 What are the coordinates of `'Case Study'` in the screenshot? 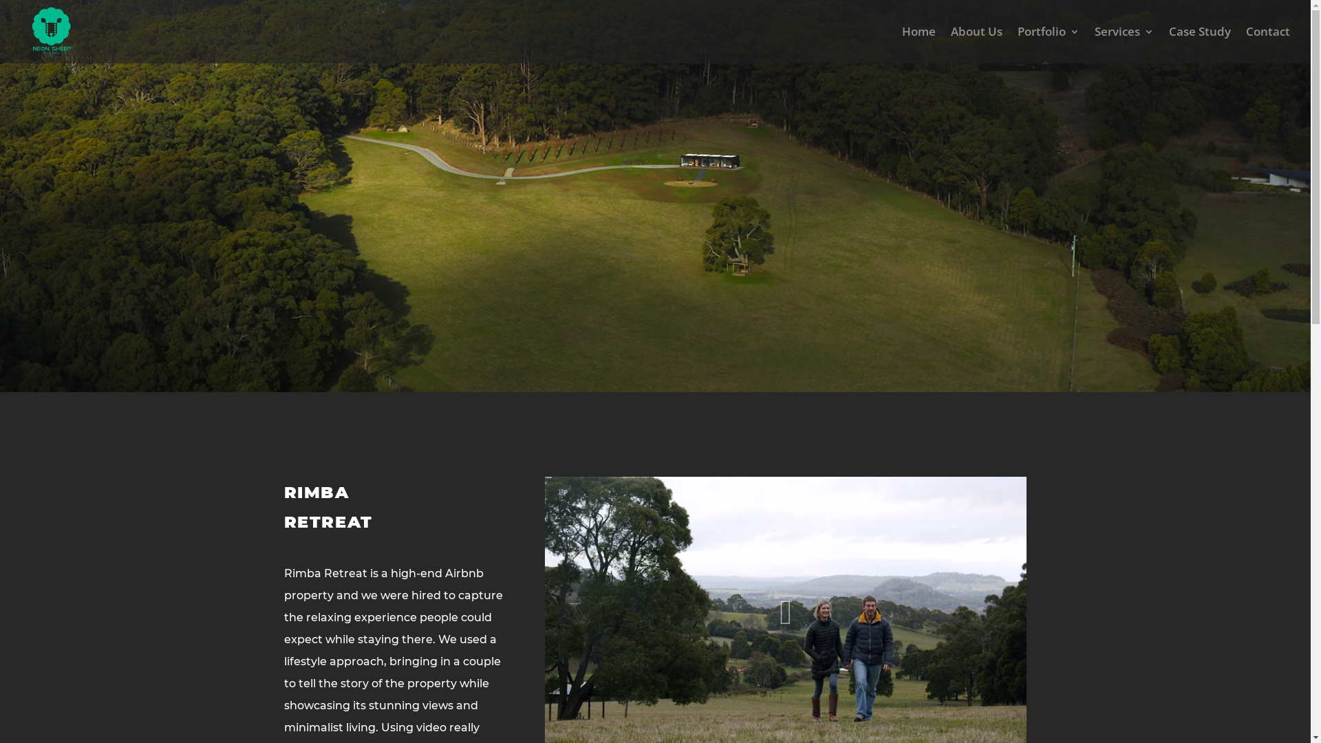 It's located at (1199, 44).